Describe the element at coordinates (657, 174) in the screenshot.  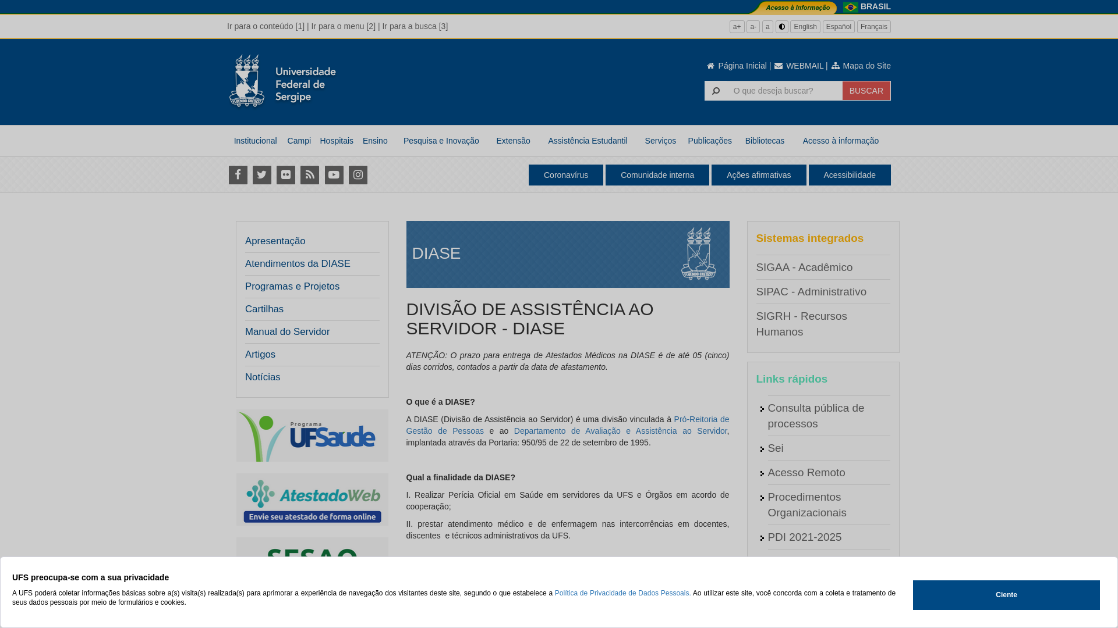
I see `'Comunidade interna'` at that location.